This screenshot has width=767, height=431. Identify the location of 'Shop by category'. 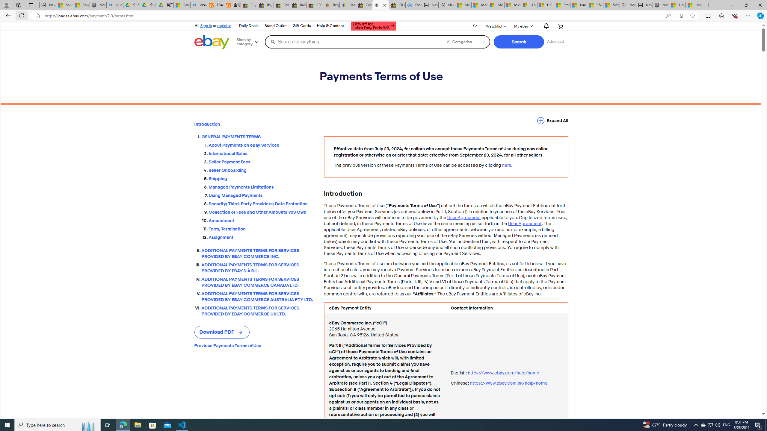
(249, 41).